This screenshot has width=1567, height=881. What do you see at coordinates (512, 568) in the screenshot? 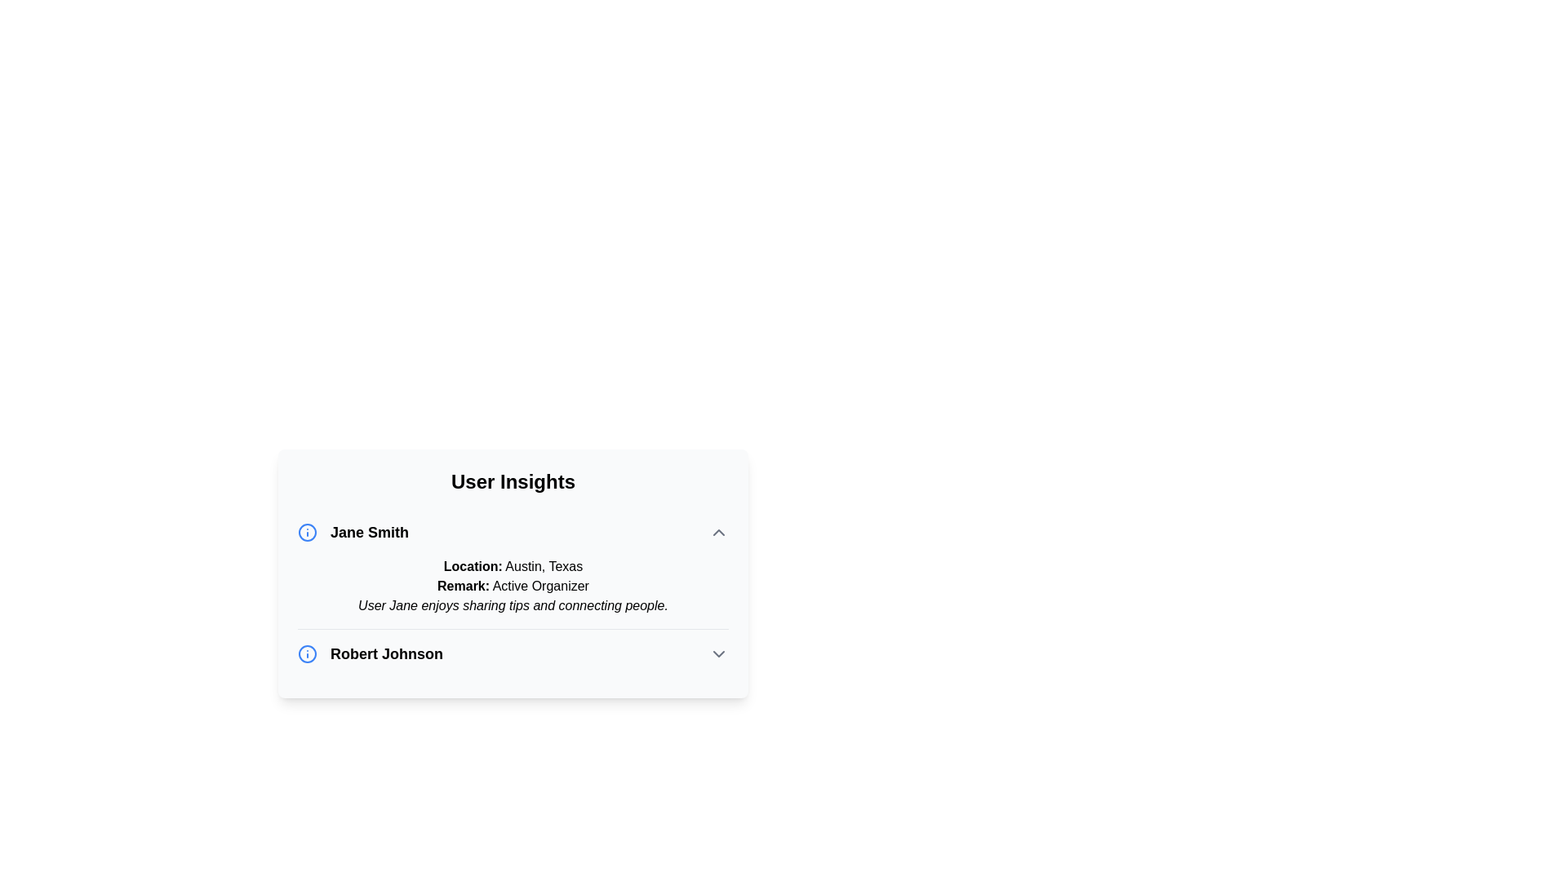
I see `the user profile card containing the name 'Jane Smith' in the 'User Insights' section` at bounding box center [512, 568].